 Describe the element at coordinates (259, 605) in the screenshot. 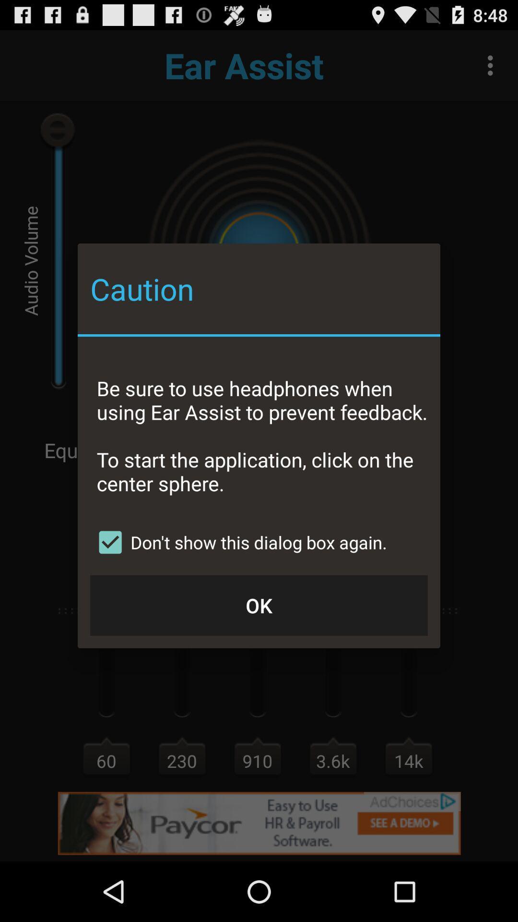

I see `the item below don t show` at that location.